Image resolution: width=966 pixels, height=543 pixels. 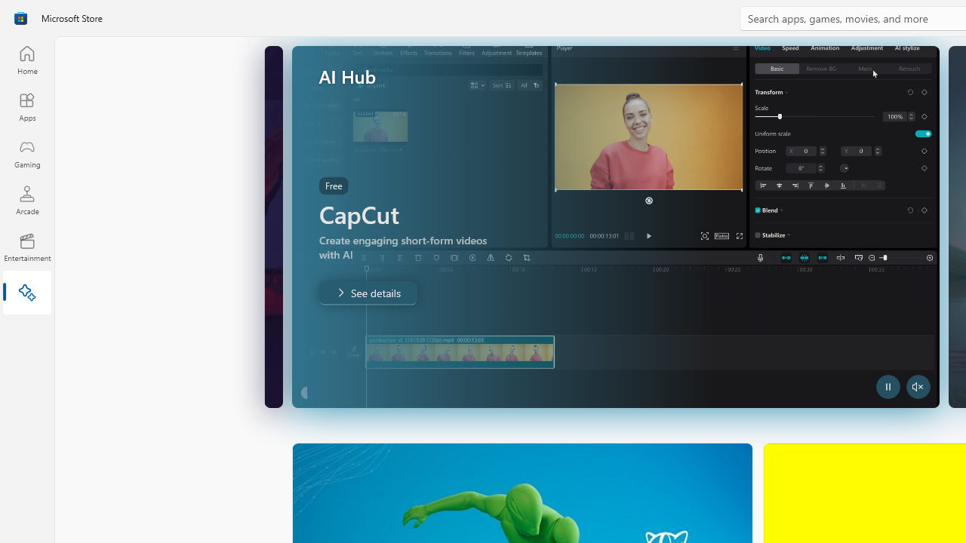 I want to click on 'Unmute', so click(x=917, y=386).